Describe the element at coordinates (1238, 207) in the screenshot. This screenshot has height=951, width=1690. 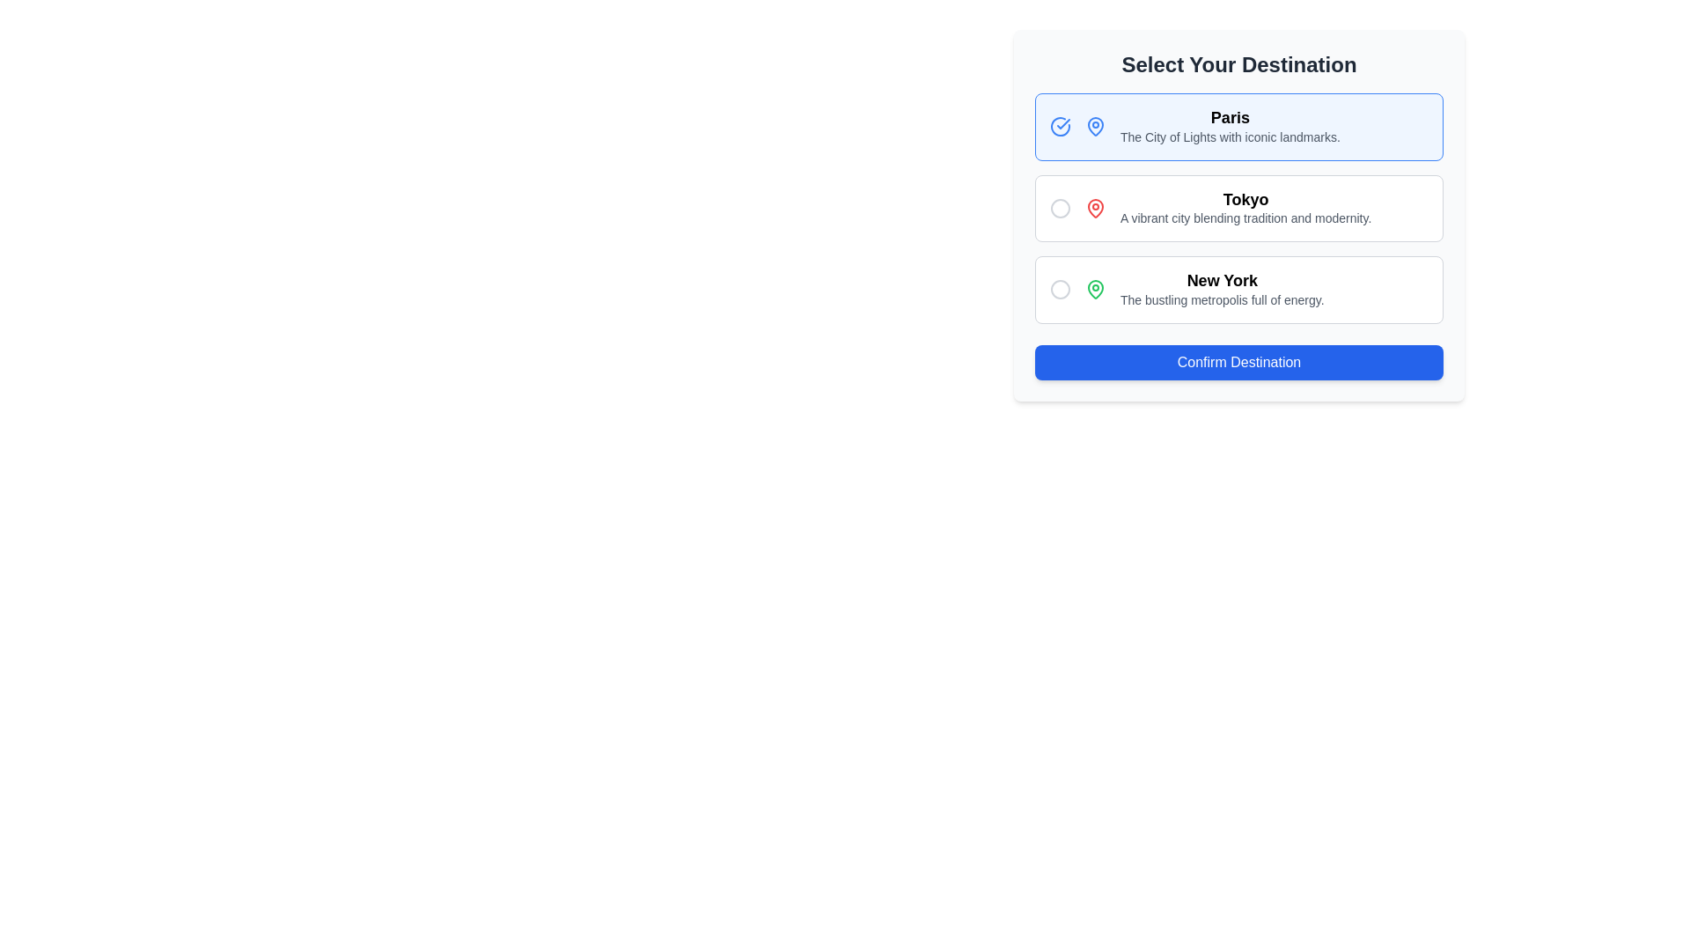
I see `the interactive Option card for selecting the 'Tokyo' destination, which is the second card in a stacked group of three cards` at that location.